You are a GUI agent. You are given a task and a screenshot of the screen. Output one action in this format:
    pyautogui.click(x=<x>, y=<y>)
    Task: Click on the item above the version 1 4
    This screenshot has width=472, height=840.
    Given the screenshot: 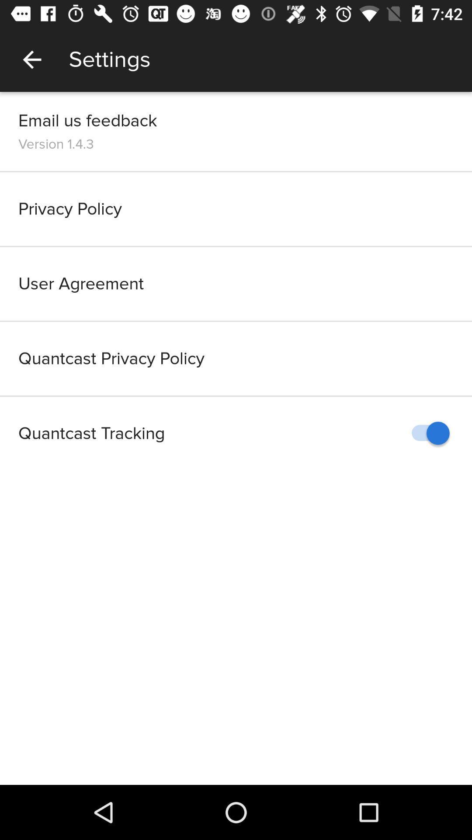 What is the action you would take?
    pyautogui.click(x=87, y=120)
    